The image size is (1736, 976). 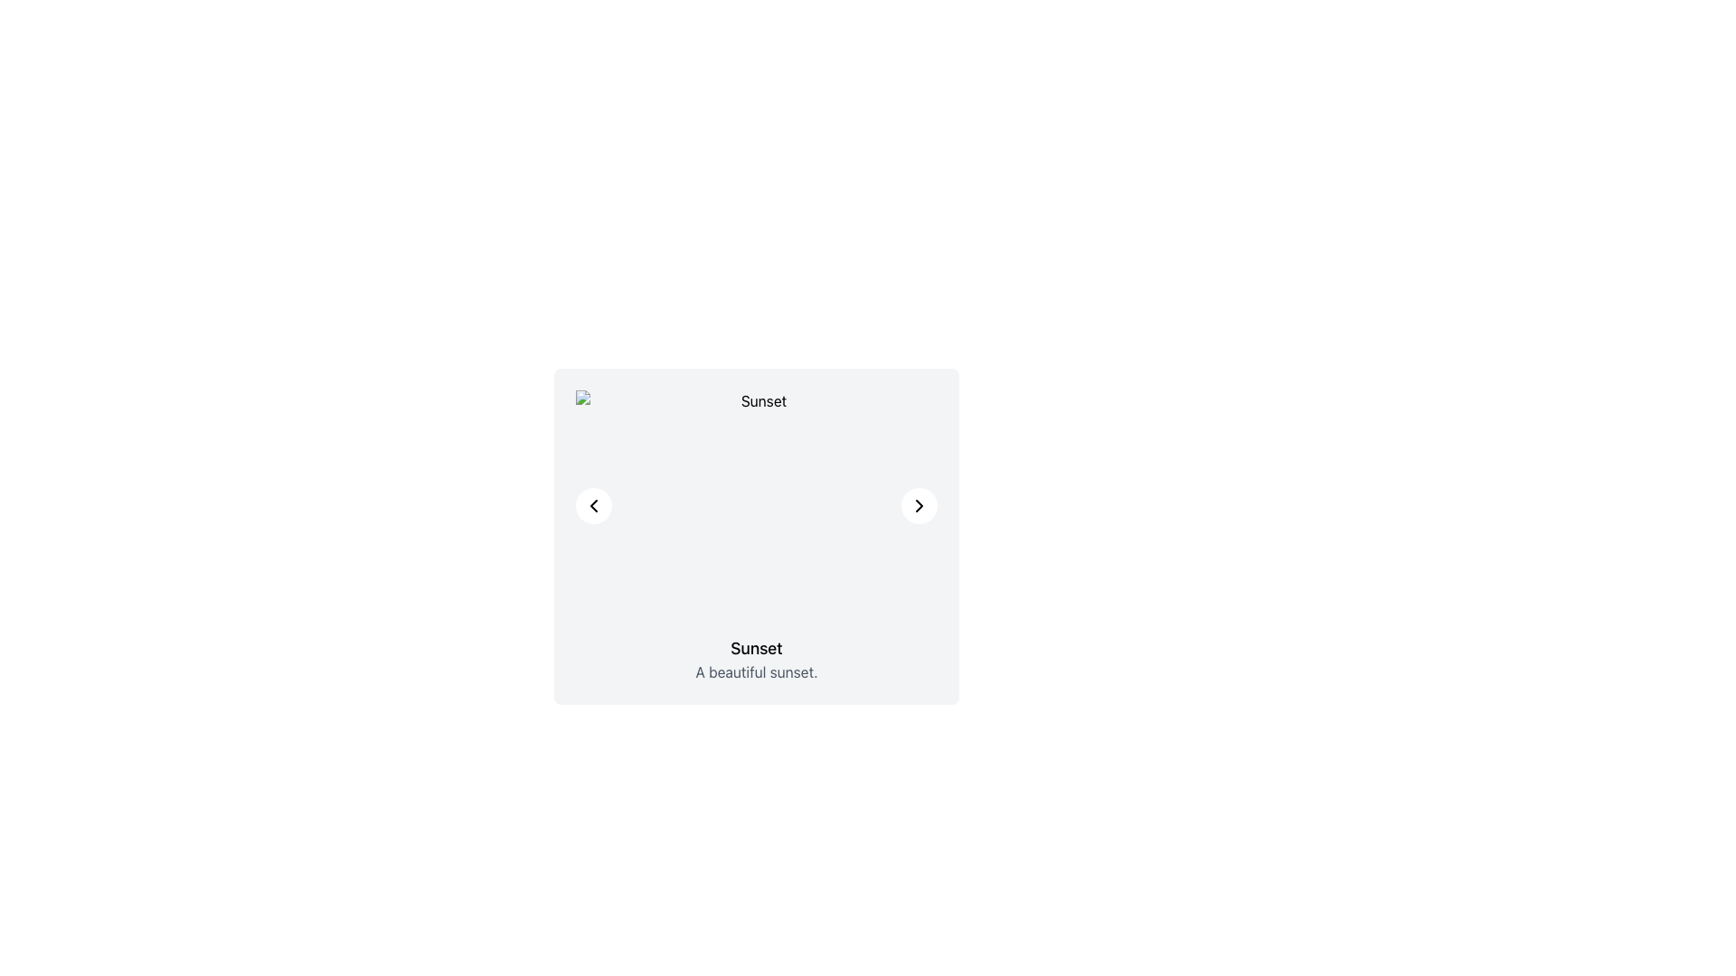 What do you see at coordinates (920, 505) in the screenshot?
I see `the right-side rounded button icon on the card component` at bounding box center [920, 505].